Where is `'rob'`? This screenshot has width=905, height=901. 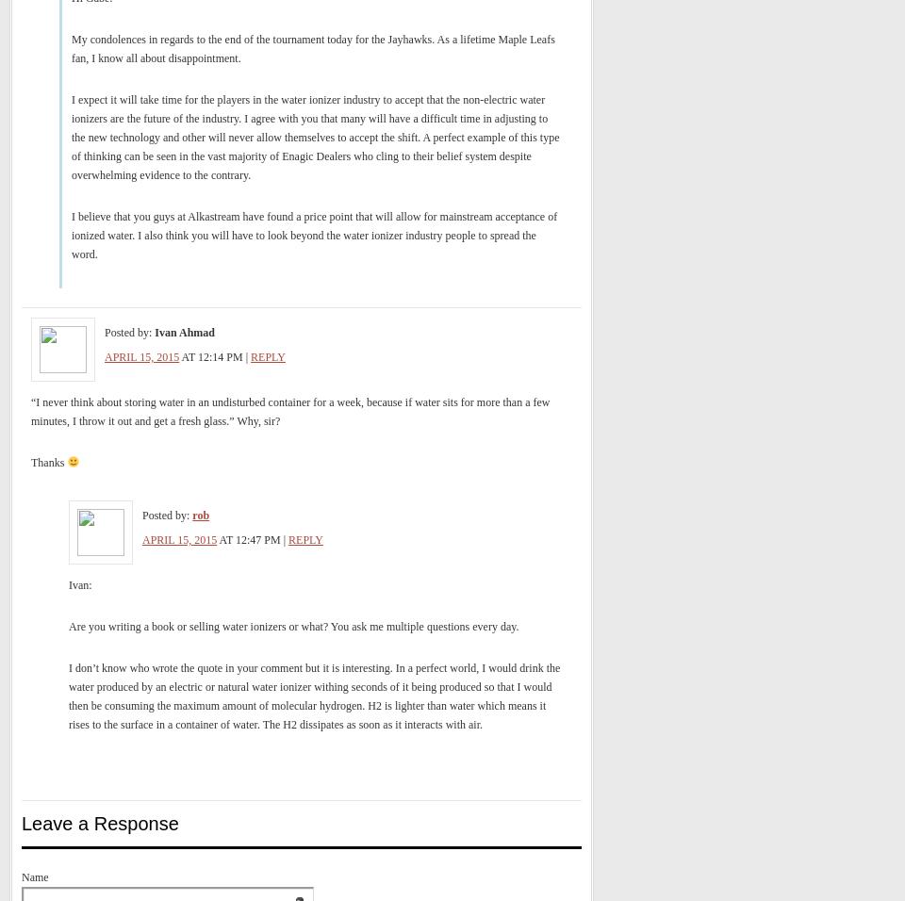 'rob' is located at coordinates (201, 515).